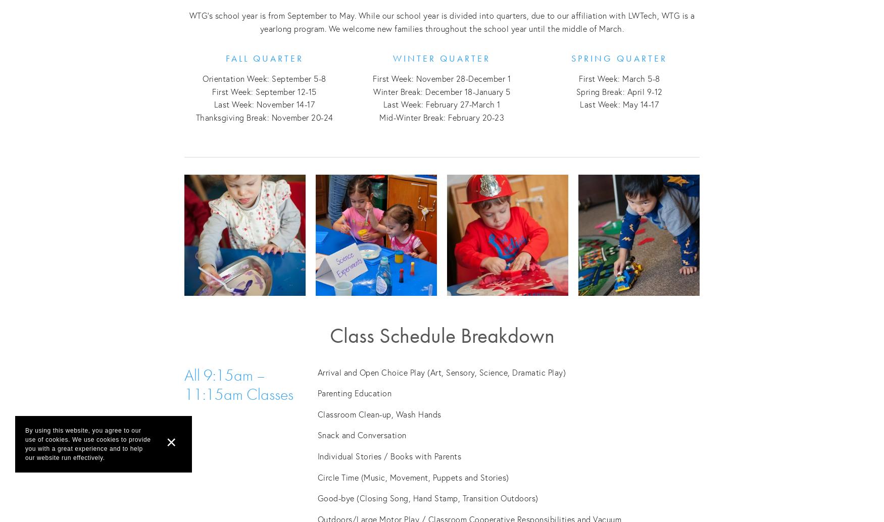 The height and width of the screenshot is (522, 884). What do you see at coordinates (264, 78) in the screenshot?
I see `'Orientation Week: September 5-8'` at bounding box center [264, 78].